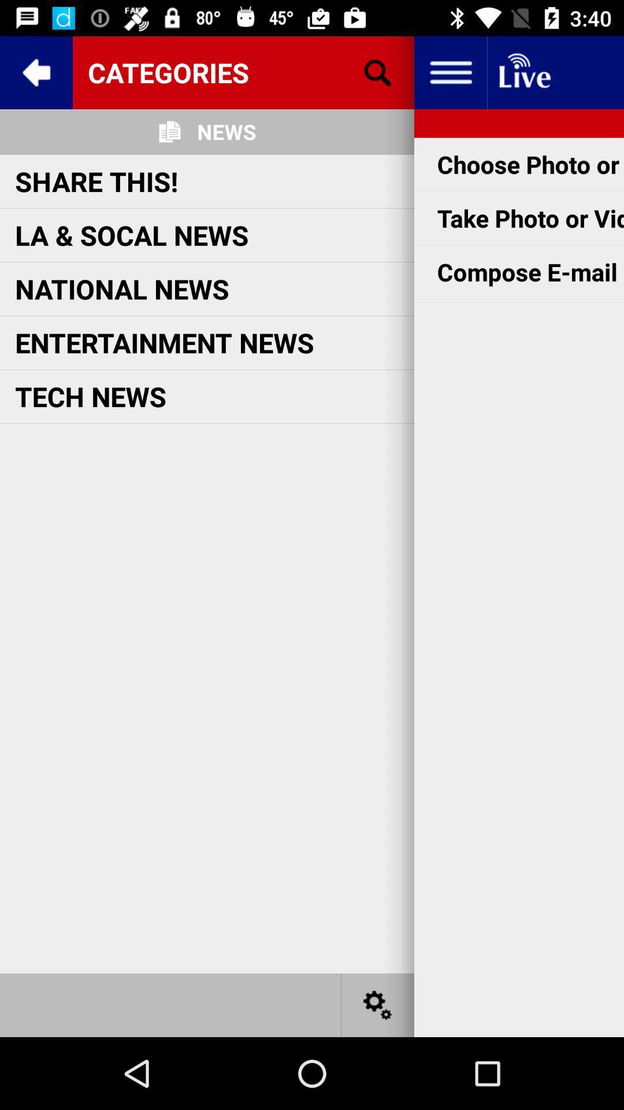  I want to click on the categories, so click(243, 72).